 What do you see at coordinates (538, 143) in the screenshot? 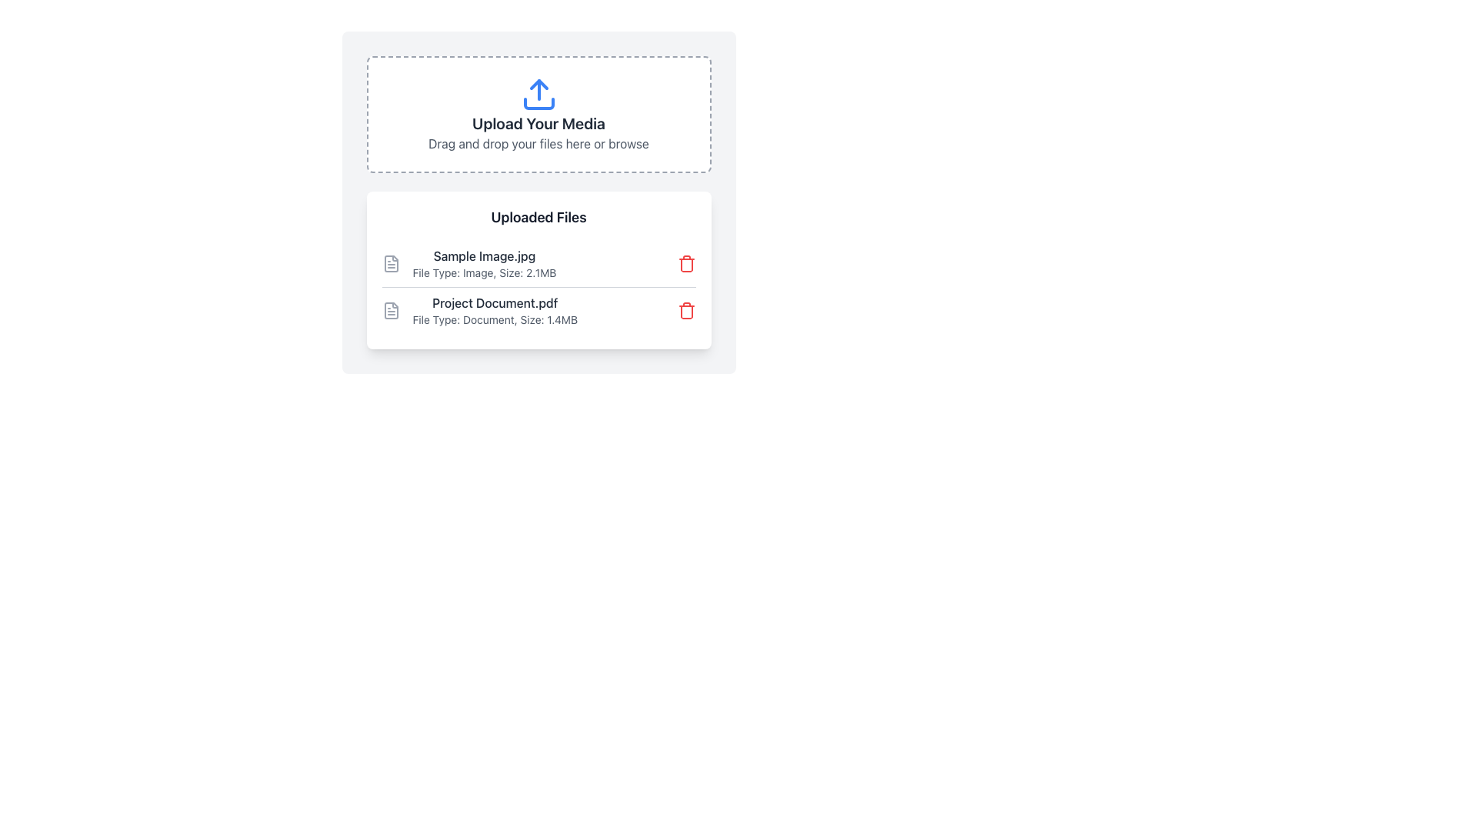
I see `the text label that provides instructions for uploading files, located below 'Upload Your Media'` at bounding box center [538, 143].